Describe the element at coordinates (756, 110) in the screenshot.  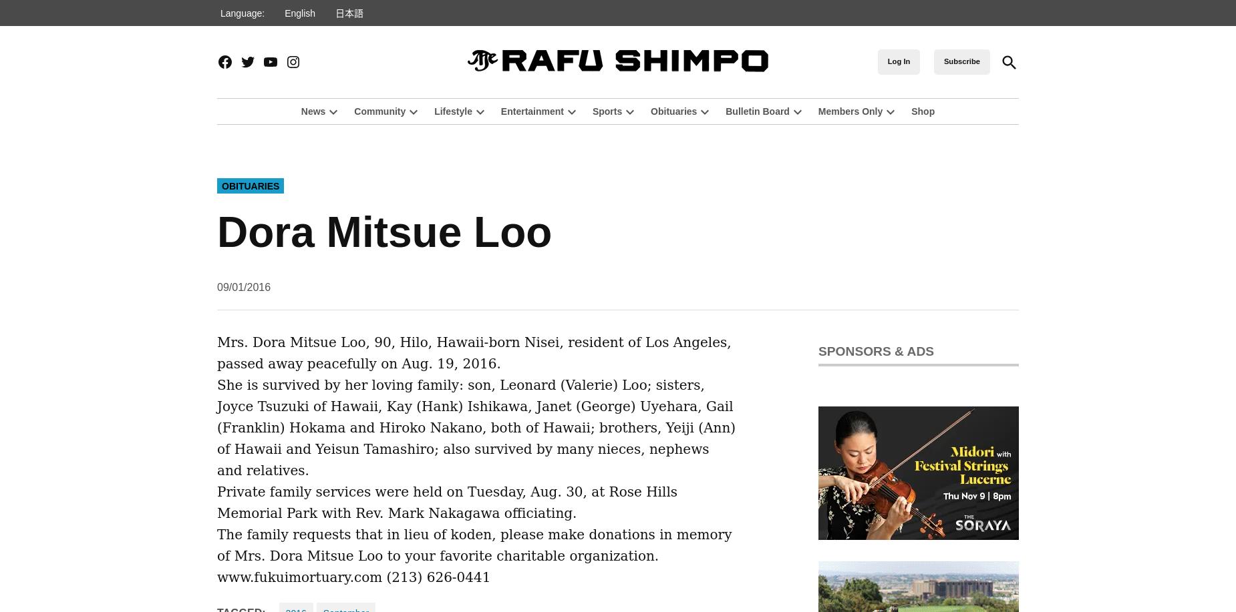
I see `'Bulletin Board'` at that location.